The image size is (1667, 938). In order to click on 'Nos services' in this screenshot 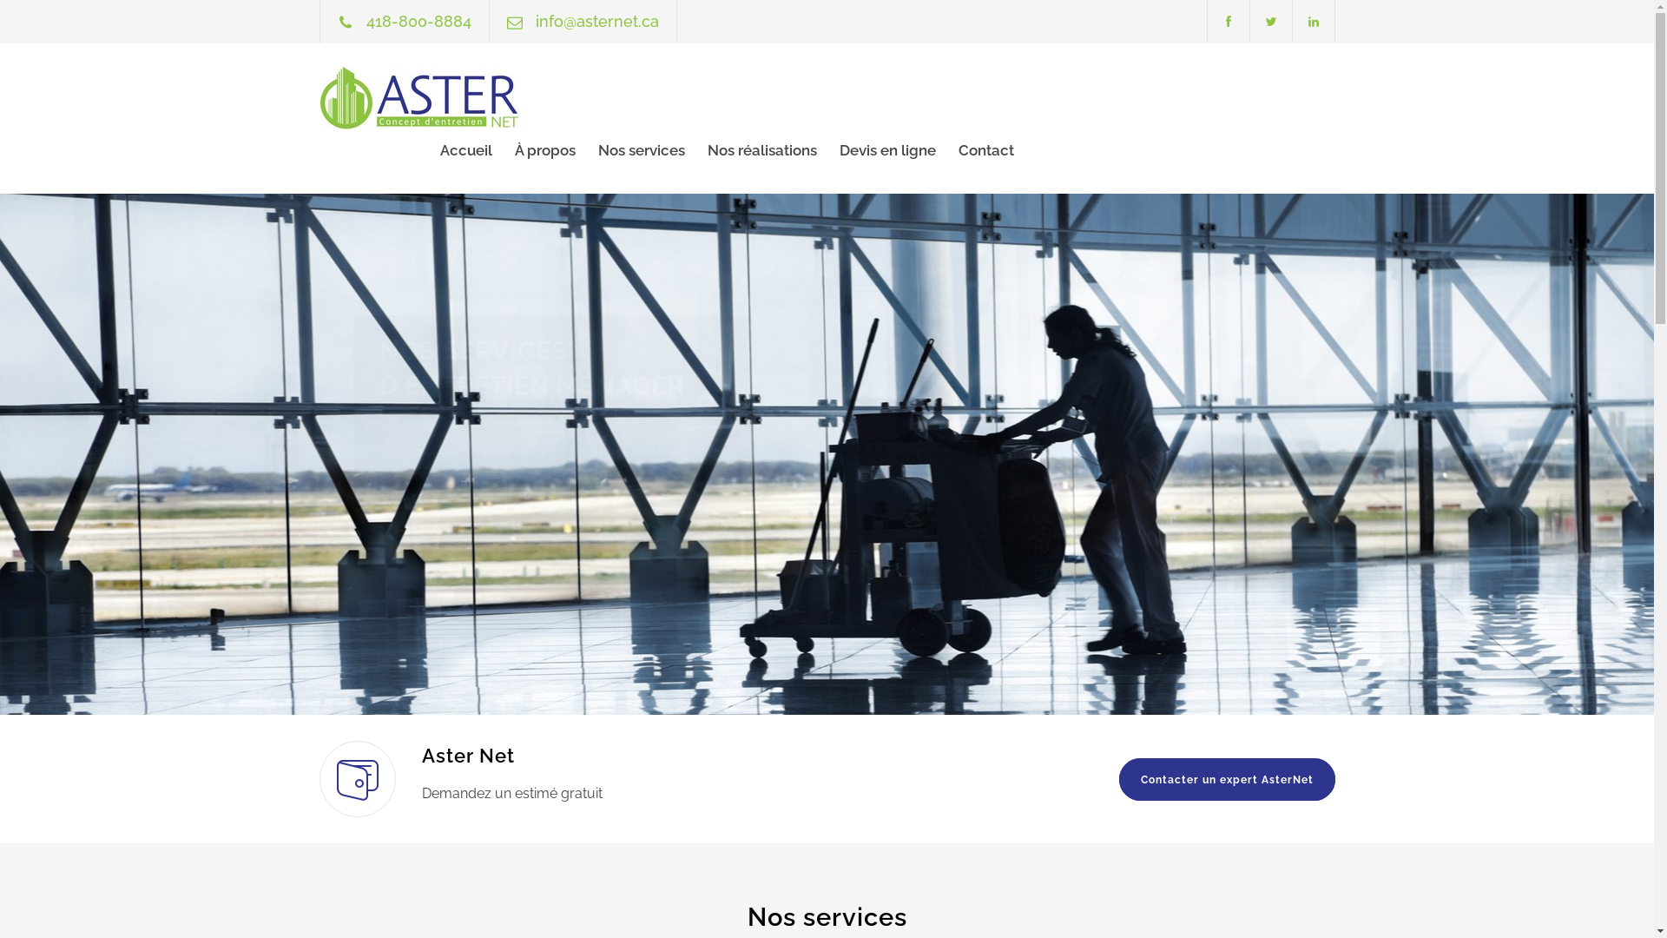, I will do `click(628, 149)`.